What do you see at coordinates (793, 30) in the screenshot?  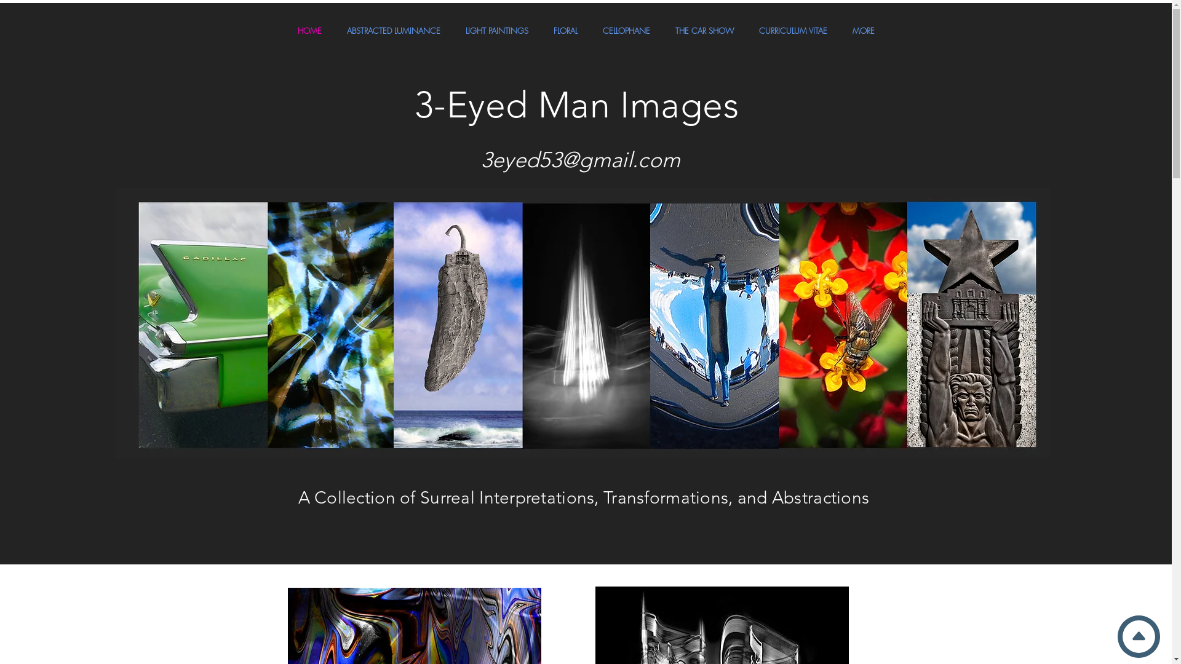 I see `'CURRICULUM VITAE'` at bounding box center [793, 30].